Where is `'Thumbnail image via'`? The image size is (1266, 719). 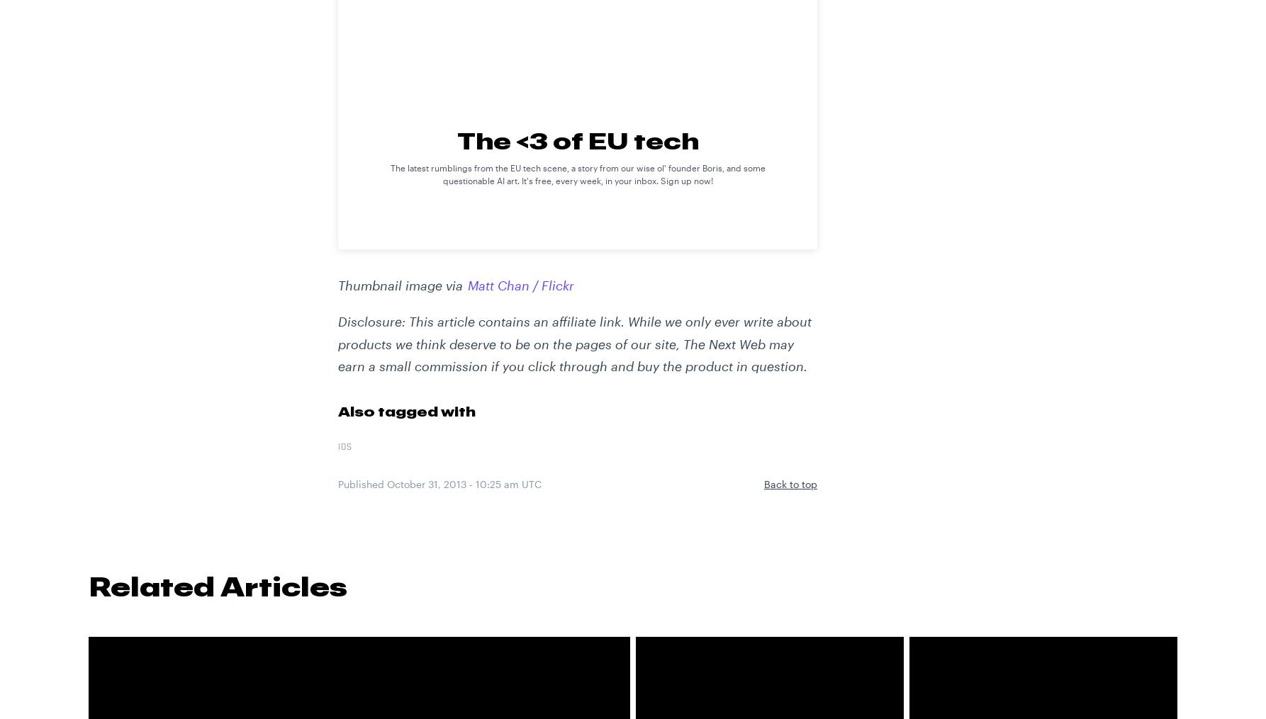 'Thumbnail image via' is located at coordinates (401, 285).